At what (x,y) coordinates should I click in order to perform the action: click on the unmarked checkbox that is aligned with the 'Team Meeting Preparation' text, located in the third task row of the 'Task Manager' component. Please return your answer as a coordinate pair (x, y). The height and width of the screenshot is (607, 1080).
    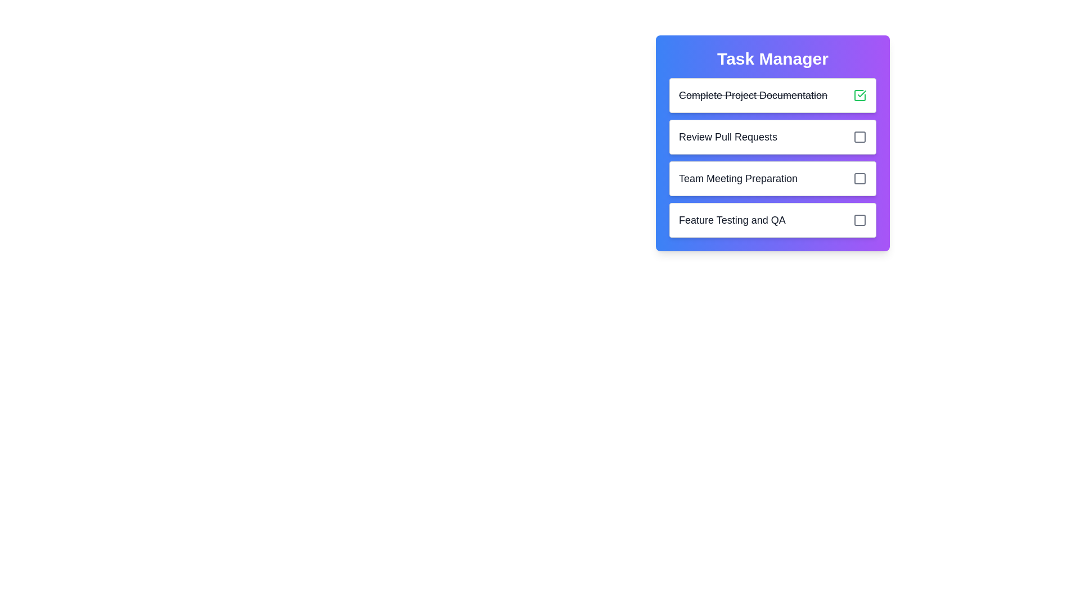
    Looking at the image, I should click on (859, 178).